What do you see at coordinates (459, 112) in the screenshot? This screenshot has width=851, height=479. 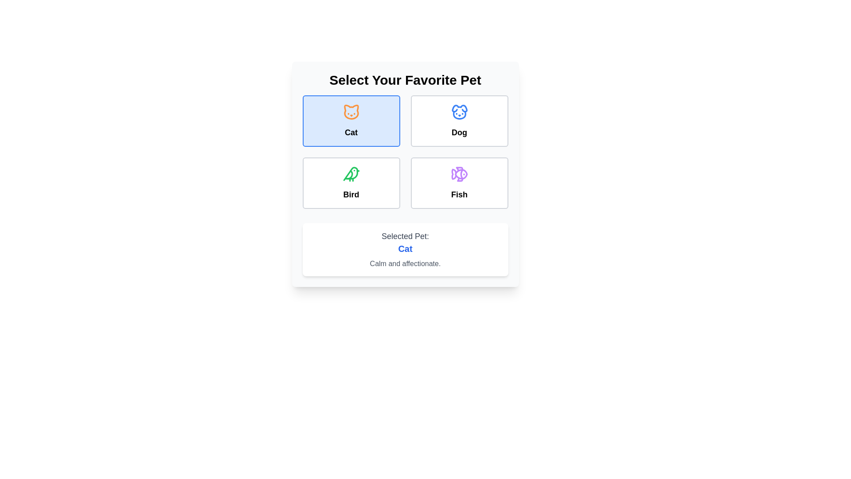 I see `the 'Dog' icon in the pet selection interface, located at the top section of the 'Dog' card in the upper right quadrant of the main selection grid` at bounding box center [459, 112].